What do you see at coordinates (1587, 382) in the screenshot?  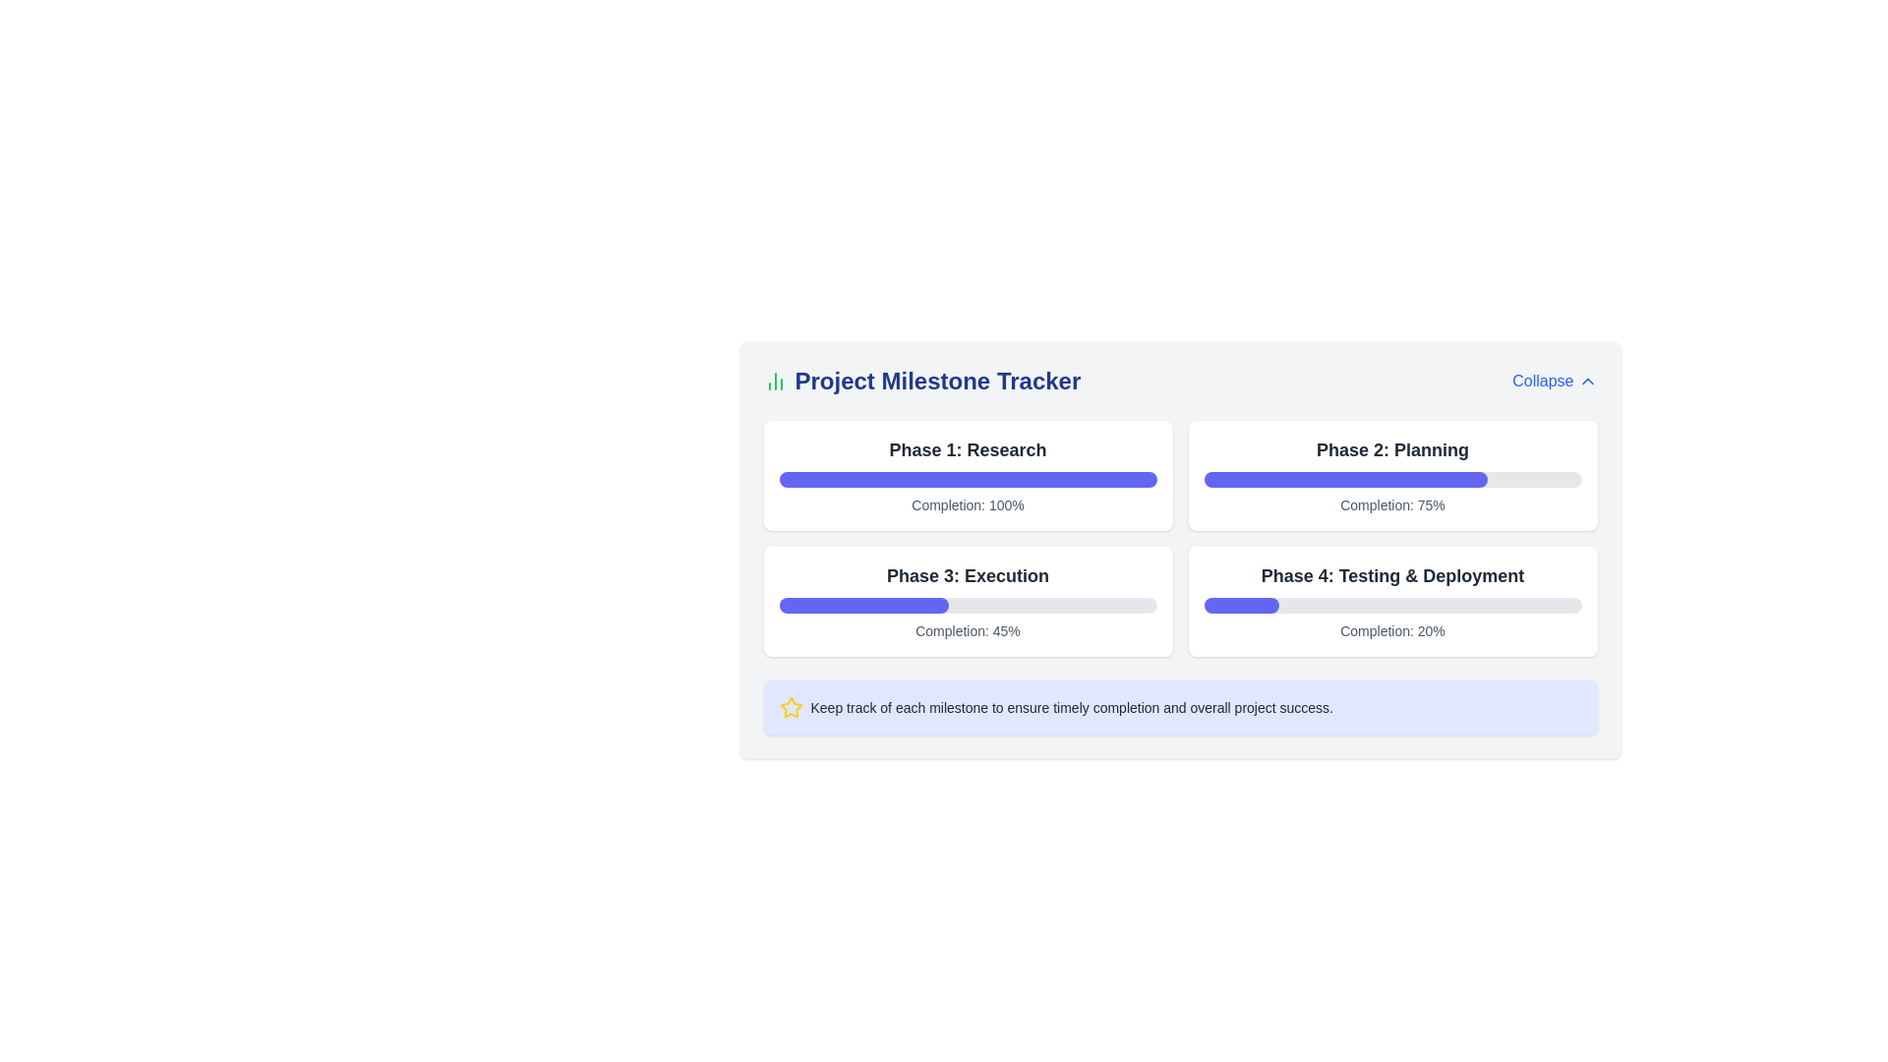 I see `the Chevron up icon located in the top-right corner of the interface` at bounding box center [1587, 382].